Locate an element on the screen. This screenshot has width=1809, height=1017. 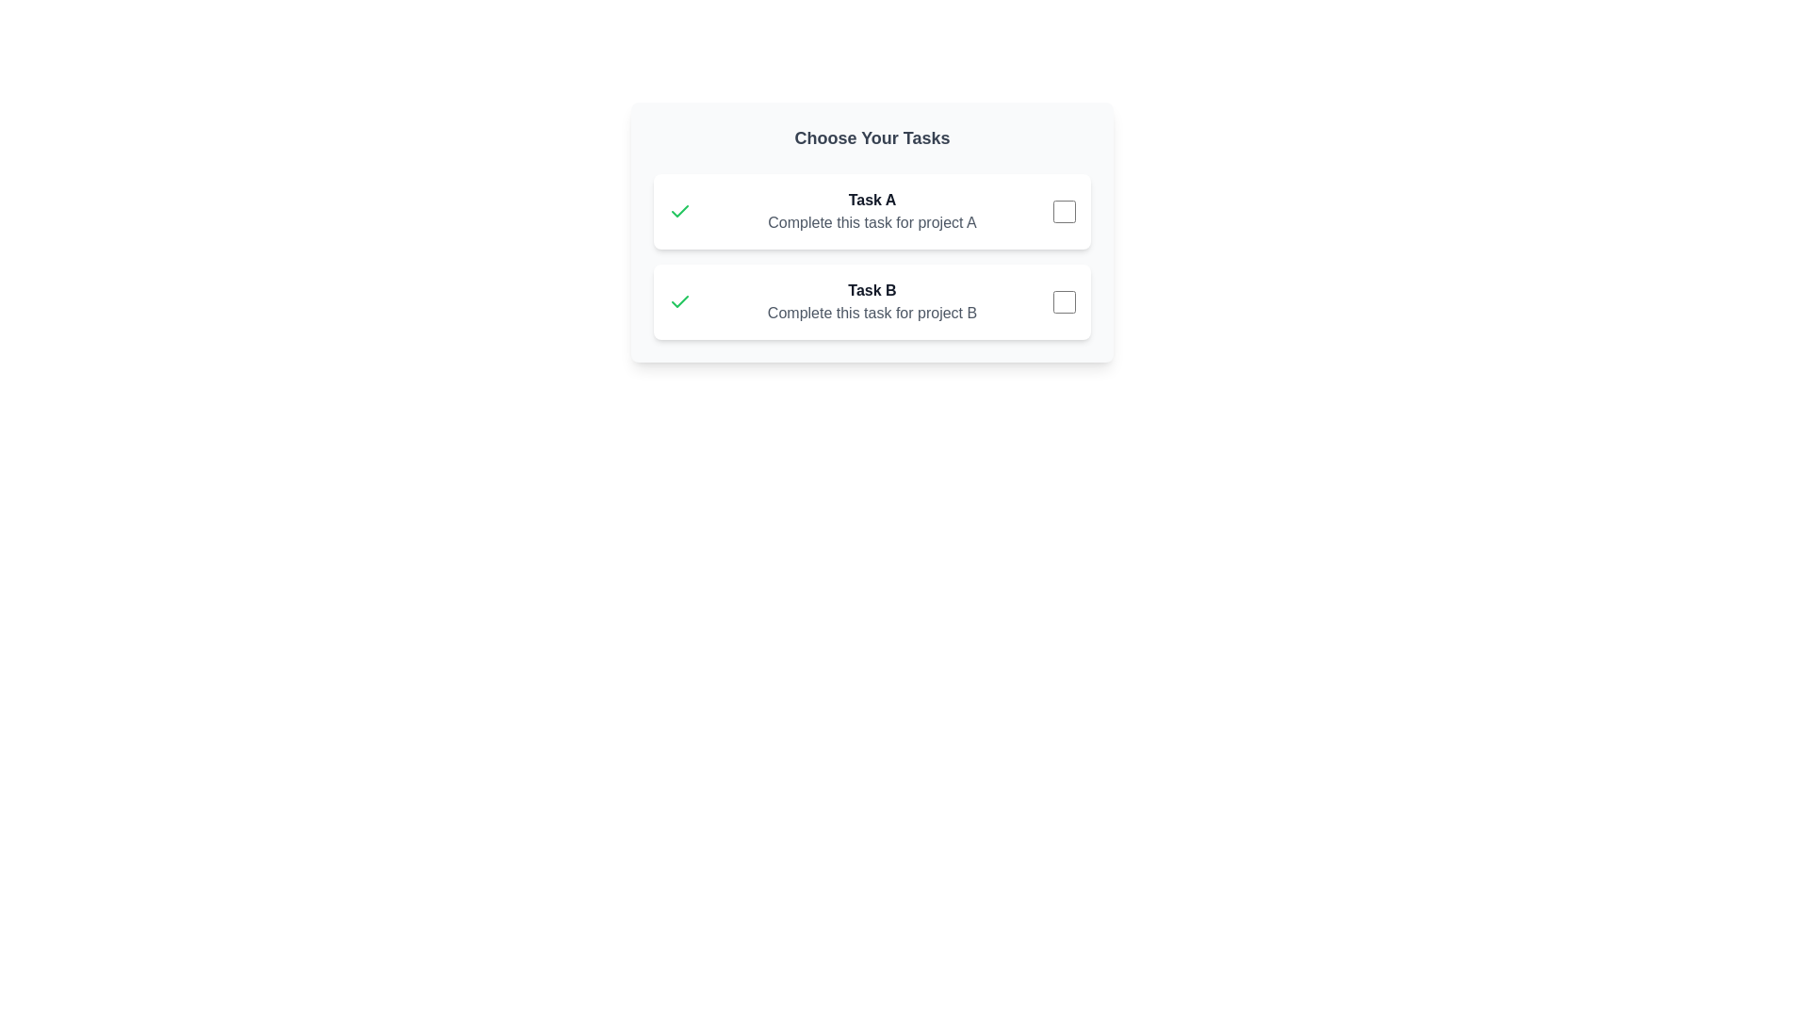
the static text label displaying 'Task B' in bold dark gray font, located in the second task panel under 'Choose Your Tasks' is located at coordinates (872, 290).